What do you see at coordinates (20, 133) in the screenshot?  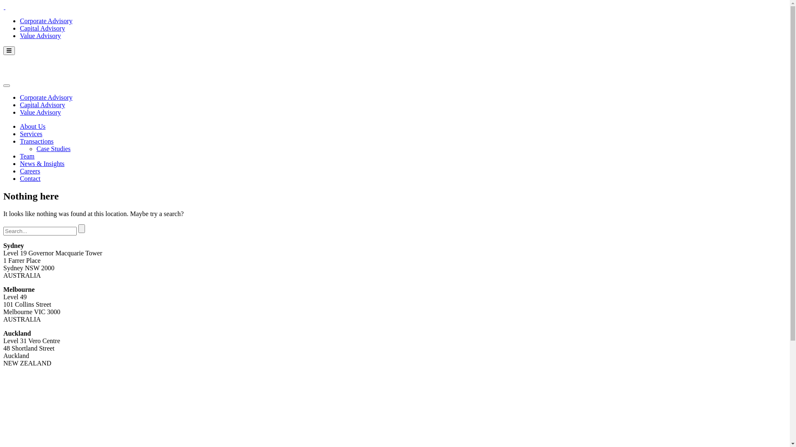 I see `'Services'` at bounding box center [20, 133].